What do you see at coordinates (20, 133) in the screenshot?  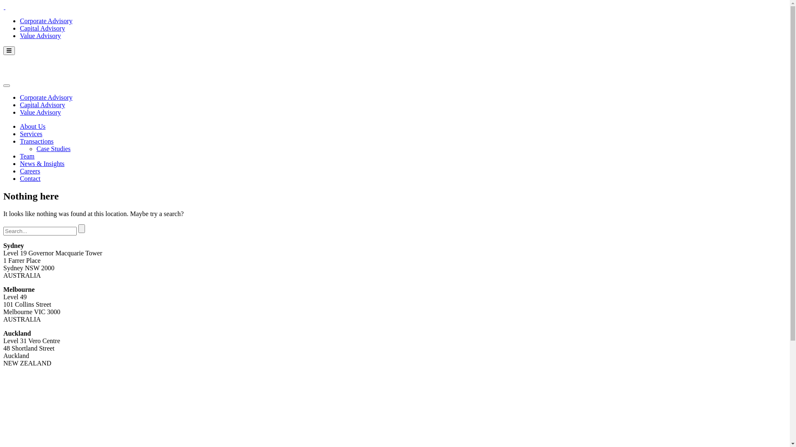 I see `'Services'` at bounding box center [20, 133].